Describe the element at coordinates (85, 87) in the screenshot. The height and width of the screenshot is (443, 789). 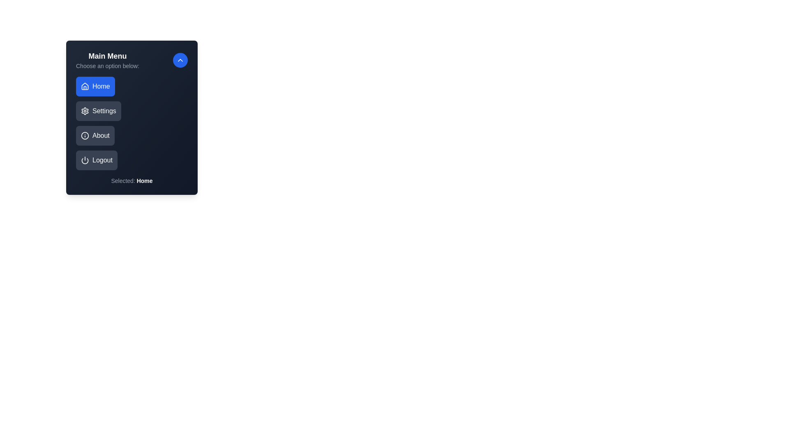
I see `the house icon inside the blue button labeled 'Home'` at that location.